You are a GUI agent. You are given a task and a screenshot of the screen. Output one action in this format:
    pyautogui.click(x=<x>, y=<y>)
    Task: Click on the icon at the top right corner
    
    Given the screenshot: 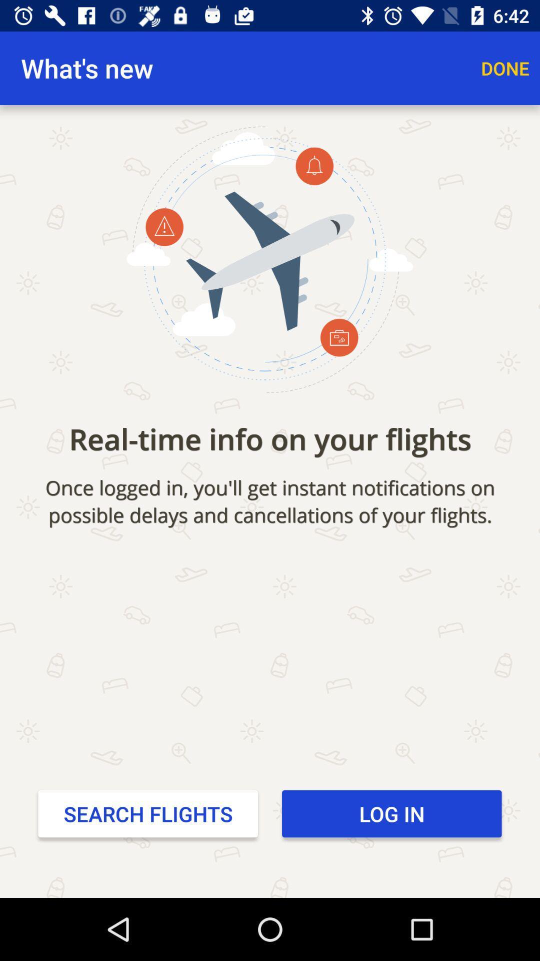 What is the action you would take?
    pyautogui.click(x=505, y=68)
    